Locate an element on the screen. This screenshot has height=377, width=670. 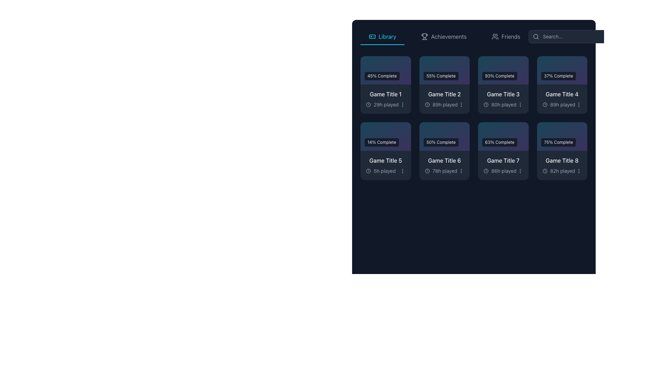
the text label displaying '89h played', which is next to a small clock icon and located under 'Game Title 2' and below '55% Complete' is located at coordinates (445, 105).